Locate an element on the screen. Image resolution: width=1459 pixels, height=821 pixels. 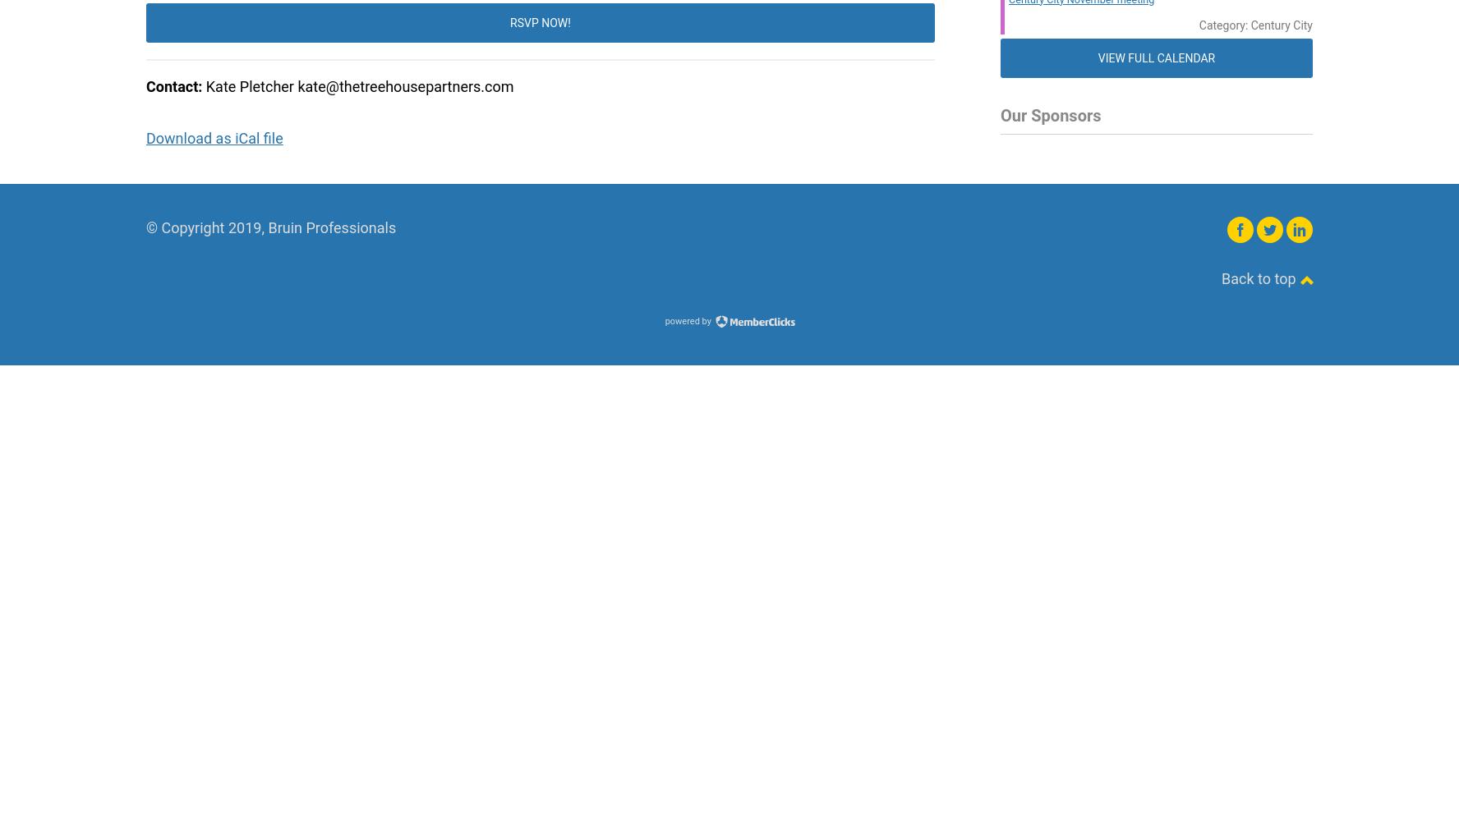
'Kate Pletcher' is located at coordinates (251, 85).